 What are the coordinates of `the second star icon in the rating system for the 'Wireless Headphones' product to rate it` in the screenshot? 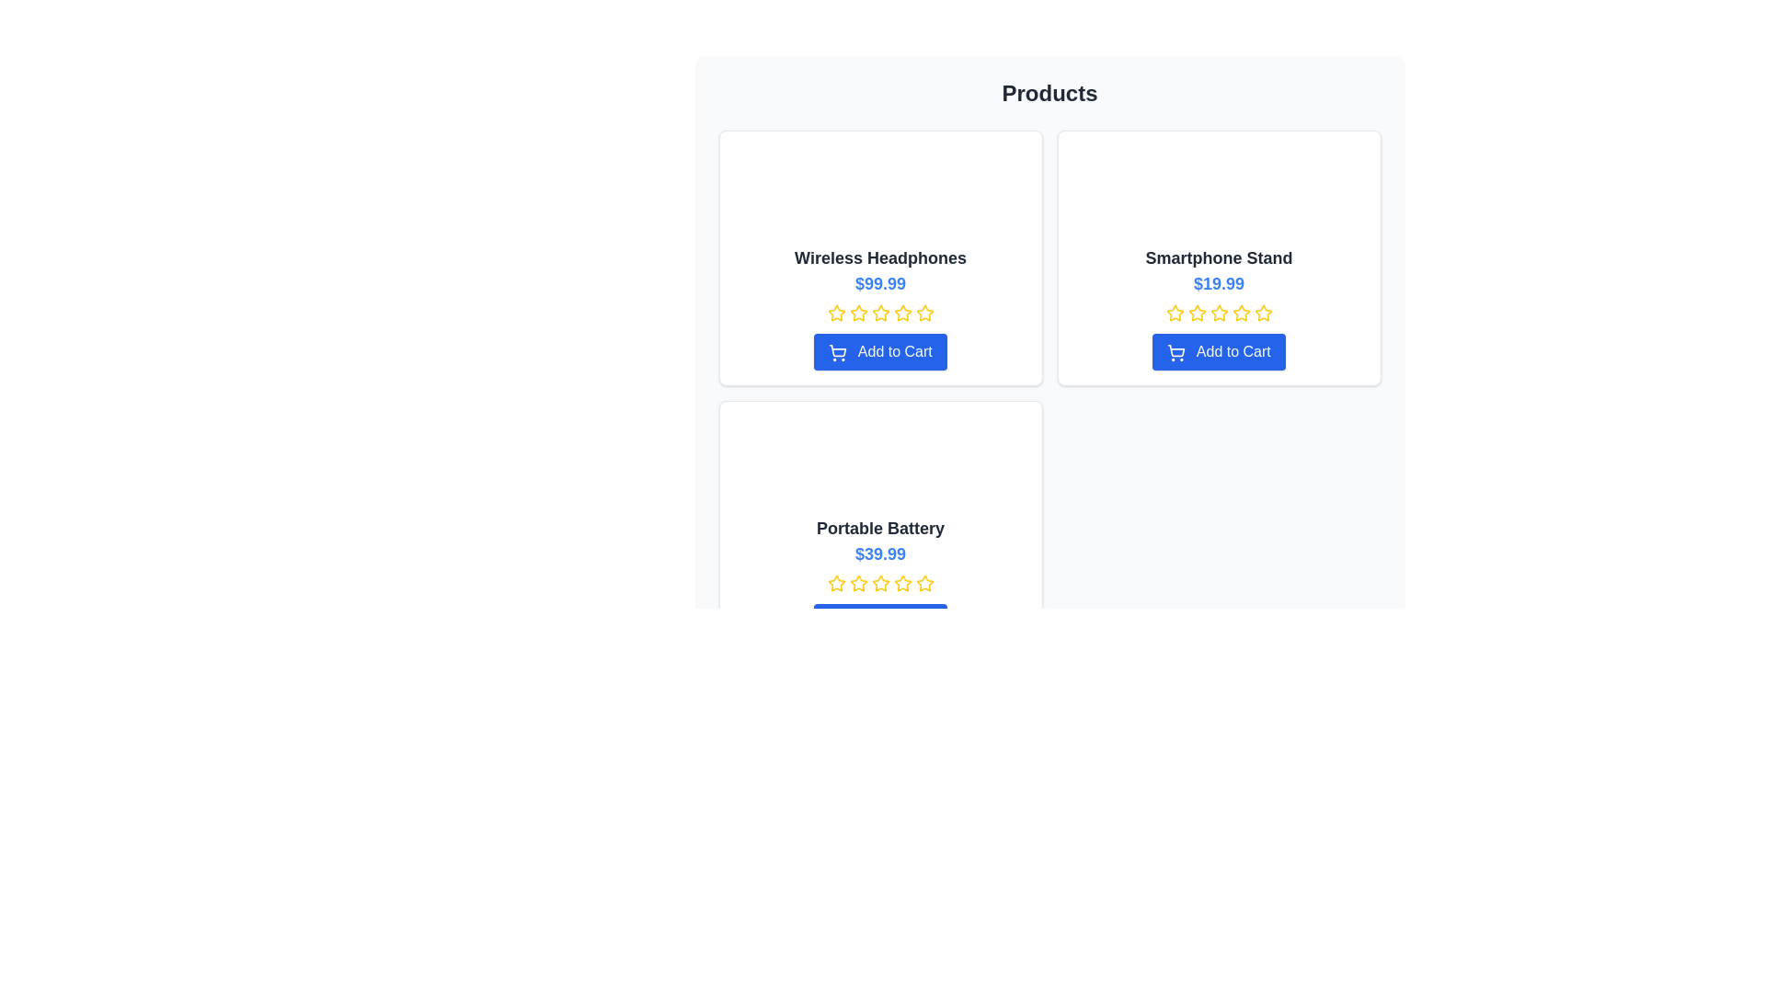 It's located at (879, 312).